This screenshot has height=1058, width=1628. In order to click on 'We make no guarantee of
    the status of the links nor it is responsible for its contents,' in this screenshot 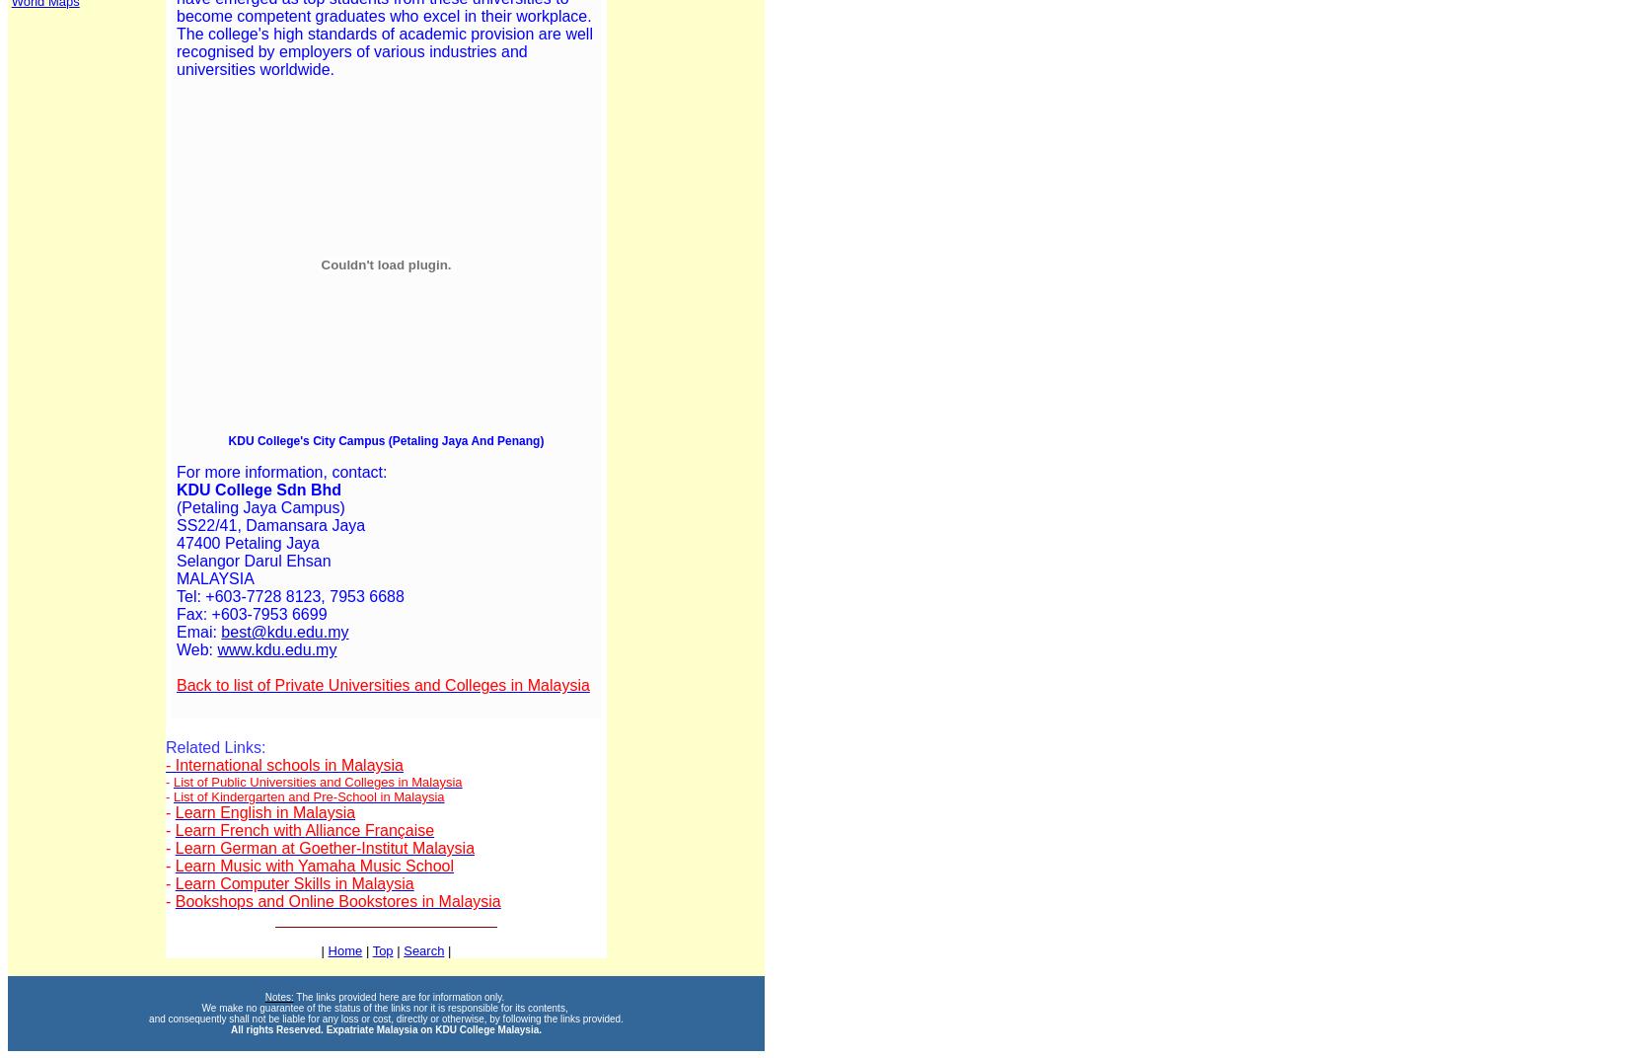, I will do `click(386, 1008)`.